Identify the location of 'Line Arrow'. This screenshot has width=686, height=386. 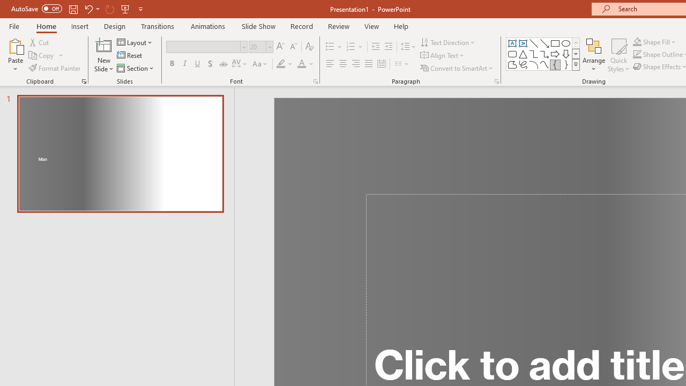
(545, 43).